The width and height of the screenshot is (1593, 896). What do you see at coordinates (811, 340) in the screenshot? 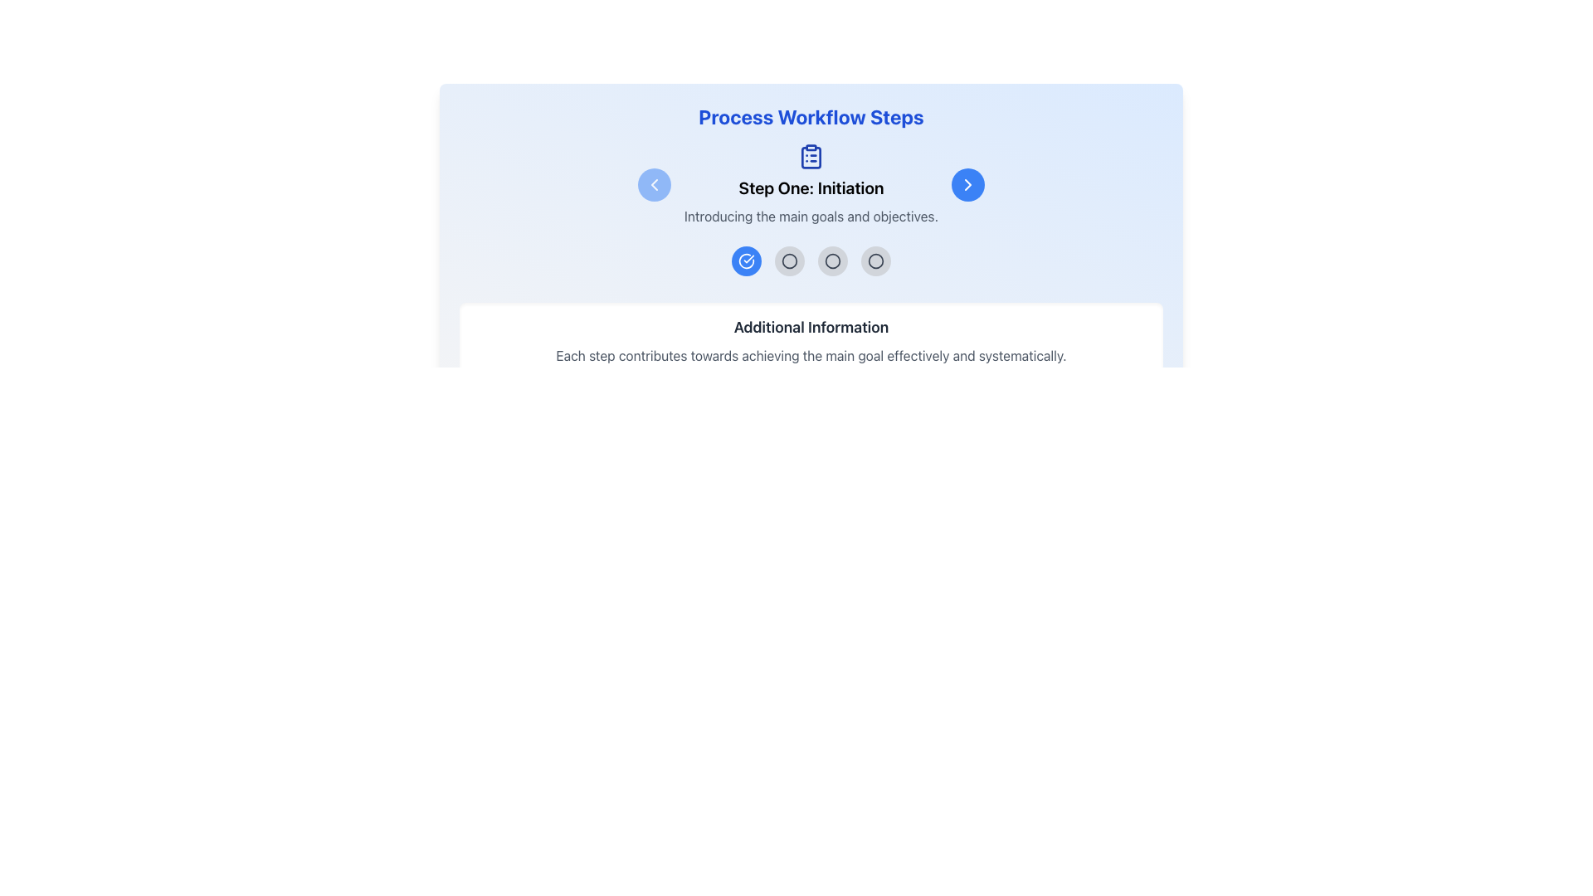
I see `the Informational Panel that contains the text 'Additional Information' and provides descriptions about the workflow steps` at bounding box center [811, 340].